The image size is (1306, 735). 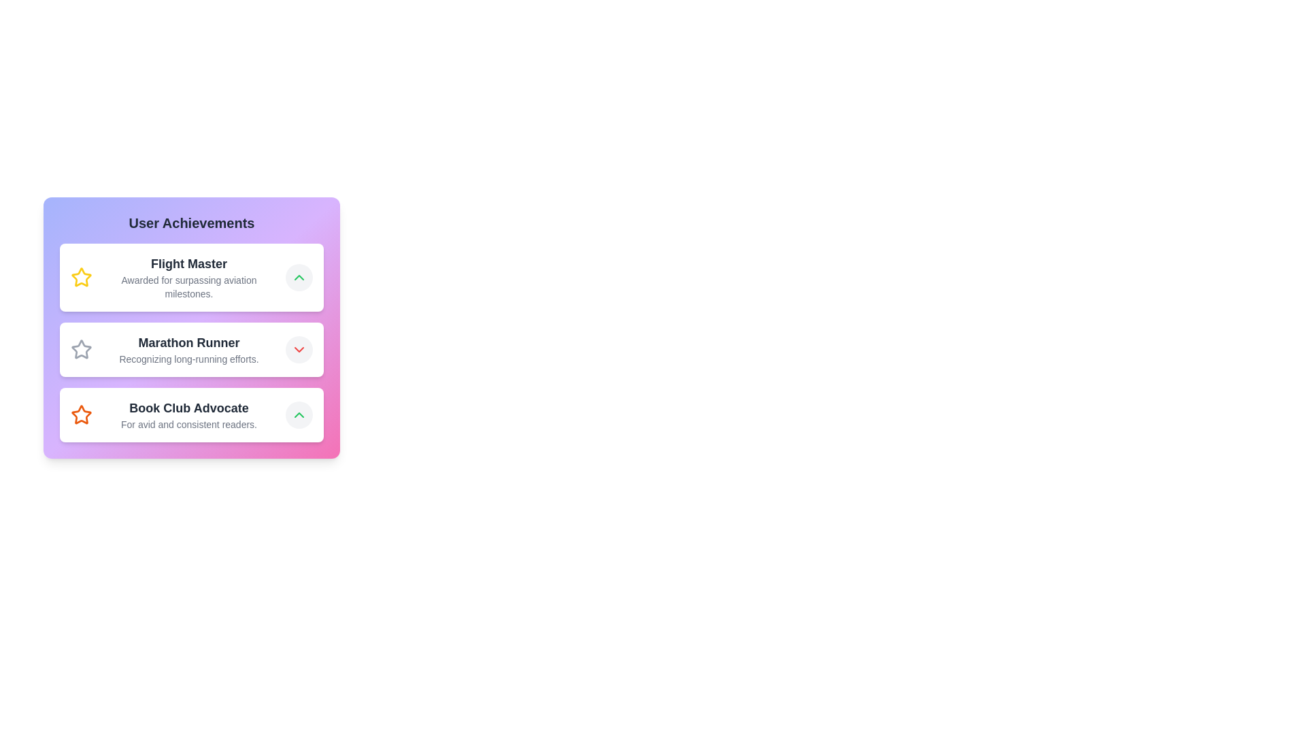 I want to click on descriptive text of the 'Flight Master' achievement display card, which is the topmost item in the User Achievements list, so click(x=191, y=277).